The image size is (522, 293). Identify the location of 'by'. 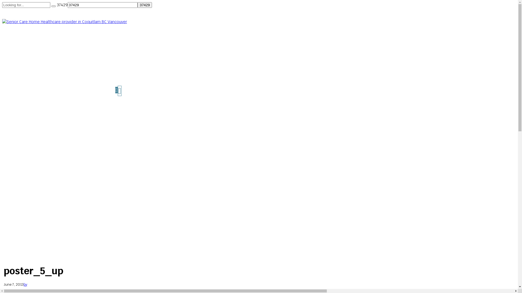
(25, 284).